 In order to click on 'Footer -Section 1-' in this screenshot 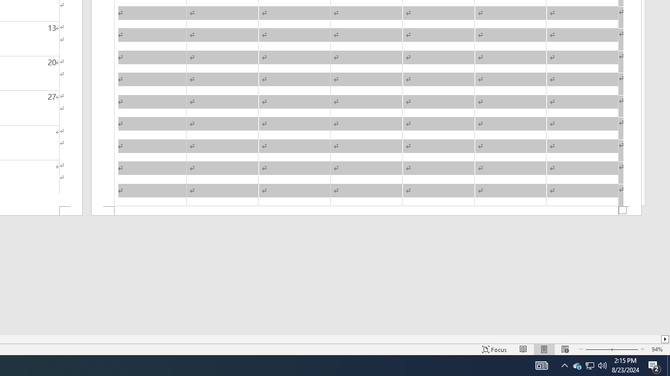, I will do `click(366, 211)`.